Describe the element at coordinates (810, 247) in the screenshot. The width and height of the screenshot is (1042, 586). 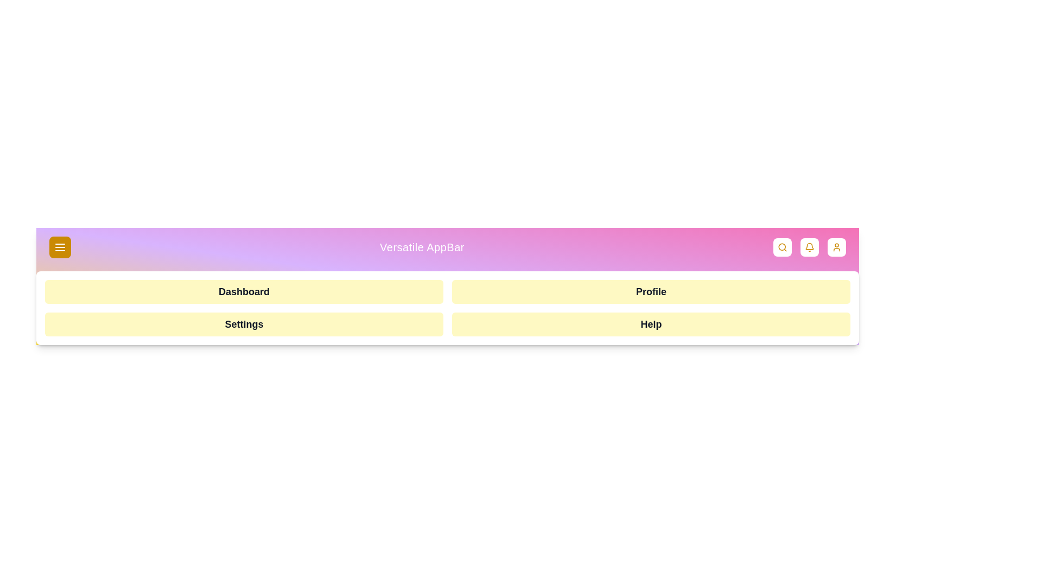
I see `the notifications button` at that location.